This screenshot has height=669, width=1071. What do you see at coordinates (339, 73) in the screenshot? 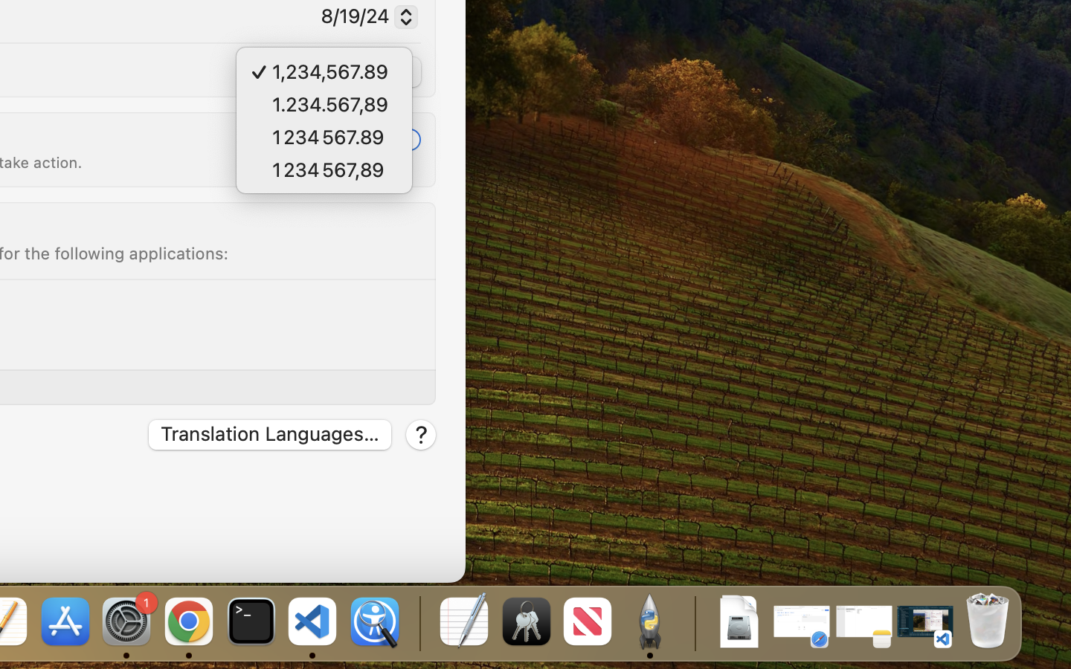
I see `'1,234,567.89'` at bounding box center [339, 73].